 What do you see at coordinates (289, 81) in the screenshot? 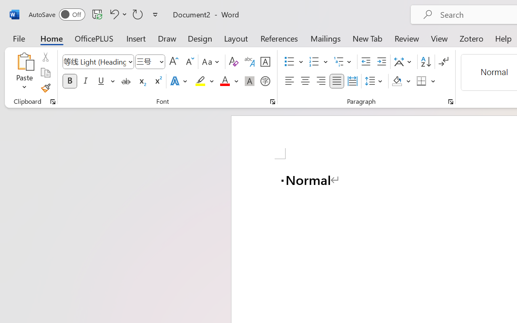
I see `'Align Left'` at bounding box center [289, 81].